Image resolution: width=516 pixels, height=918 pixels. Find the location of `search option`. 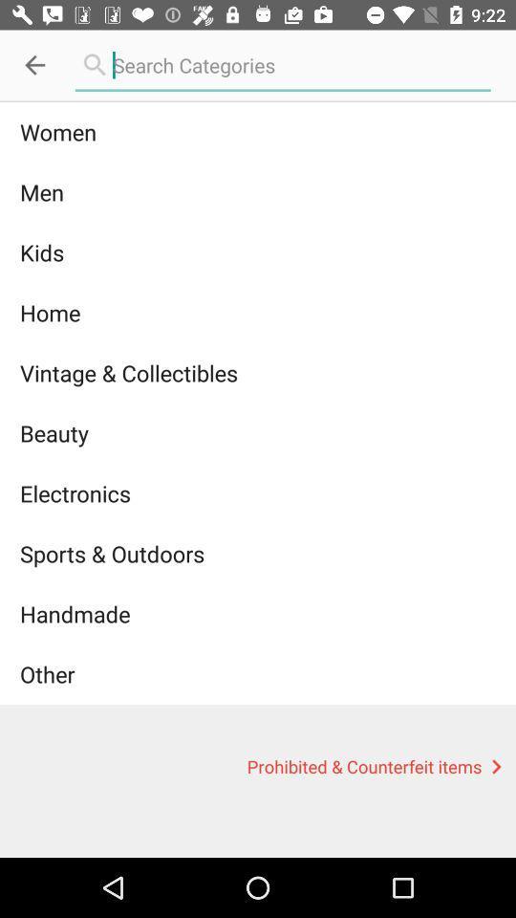

search option is located at coordinates (282, 65).